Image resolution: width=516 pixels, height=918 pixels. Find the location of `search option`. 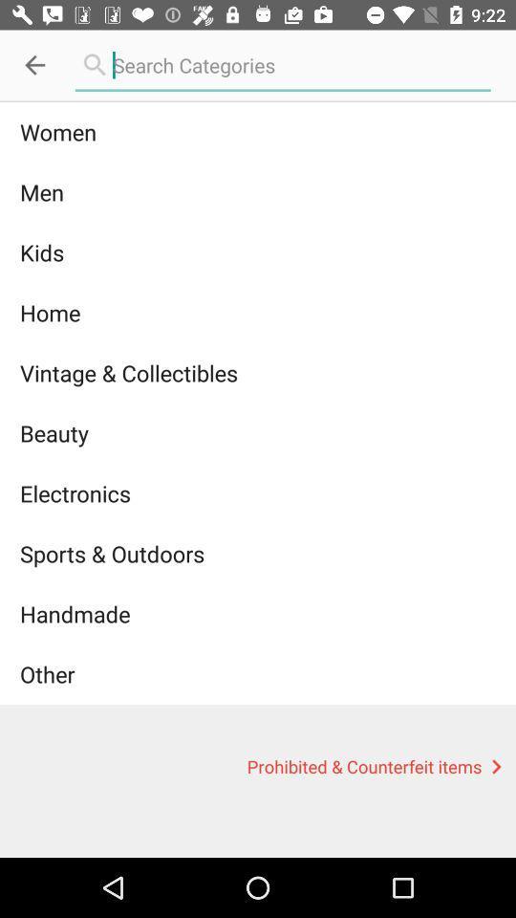

search option is located at coordinates (282, 65).